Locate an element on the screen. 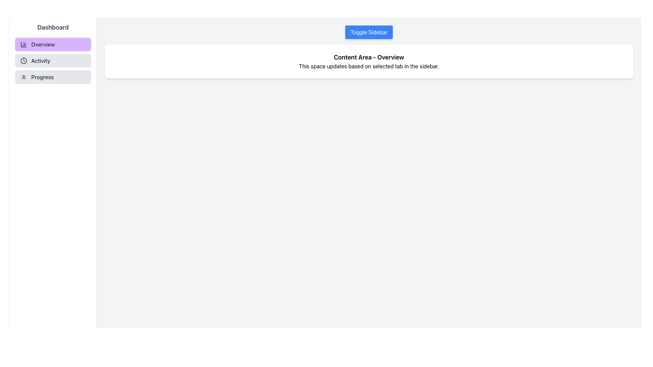 This screenshot has width=653, height=367. text label located to the right of the clock icon, which is part of the second sidebar navigation item below the 'Overview' option is located at coordinates (40, 60).